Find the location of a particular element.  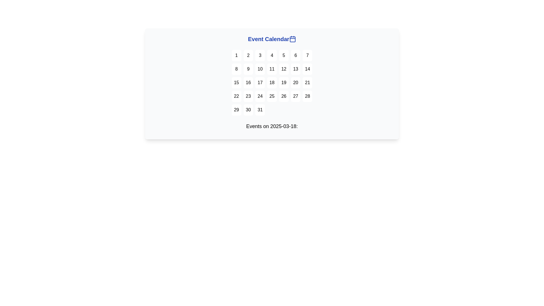

the eleventh day button in the Event Calendar to trigger a visual effect is located at coordinates (272, 69).